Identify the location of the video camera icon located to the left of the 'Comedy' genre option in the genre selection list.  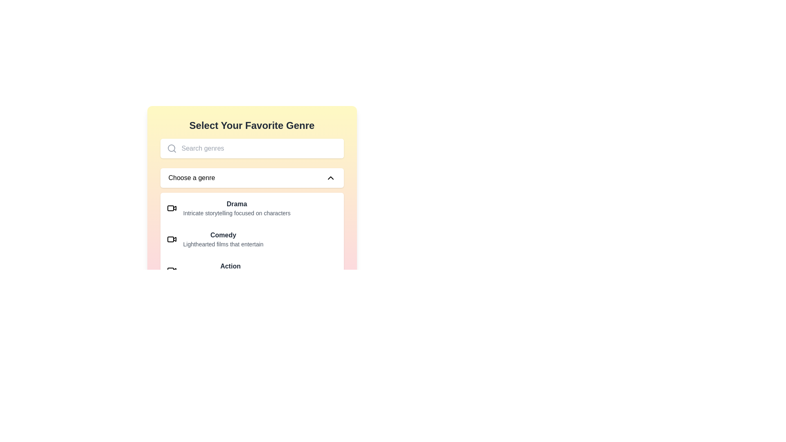
(171, 239).